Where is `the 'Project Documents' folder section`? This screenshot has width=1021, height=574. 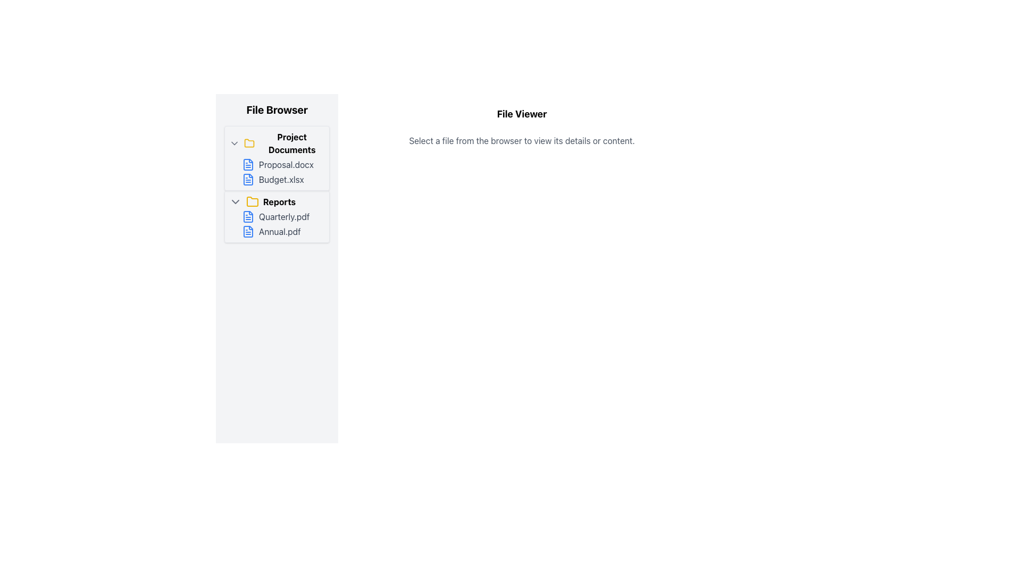
the 'Project Documents' folder section is located at coordinates (277, 158).